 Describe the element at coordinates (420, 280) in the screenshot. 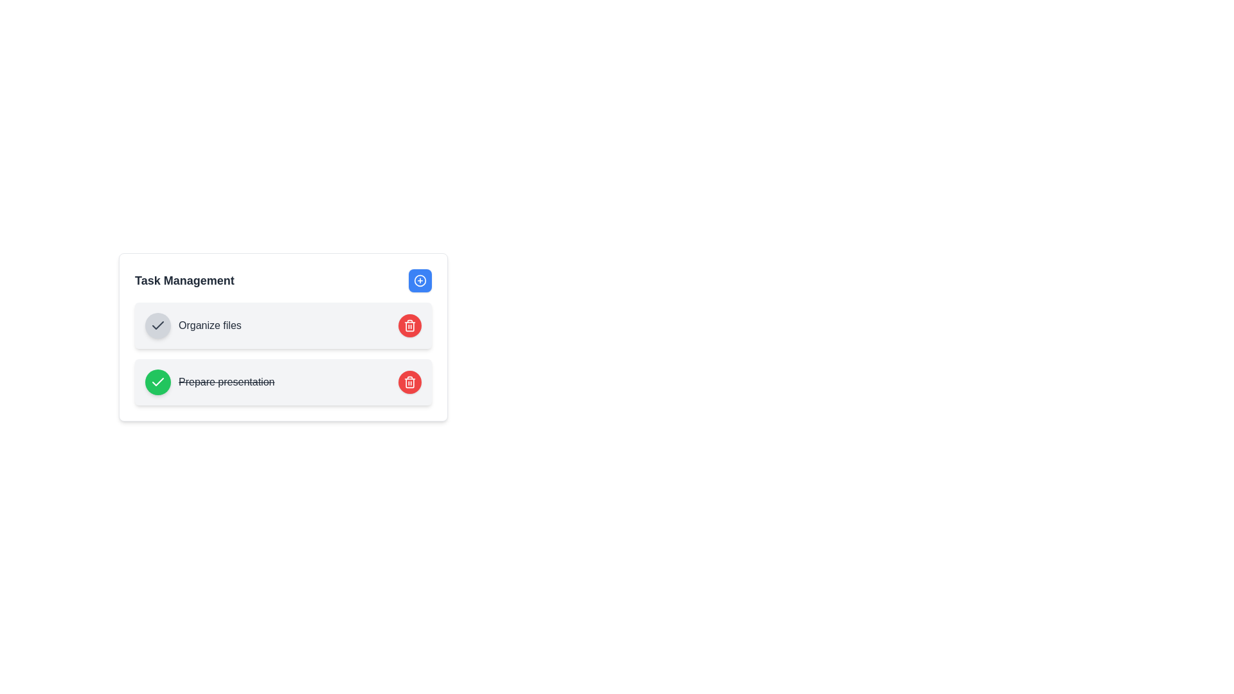

I see `the plus icon button with a blue background and white color located at the top-right corner of the task management card` at that location.